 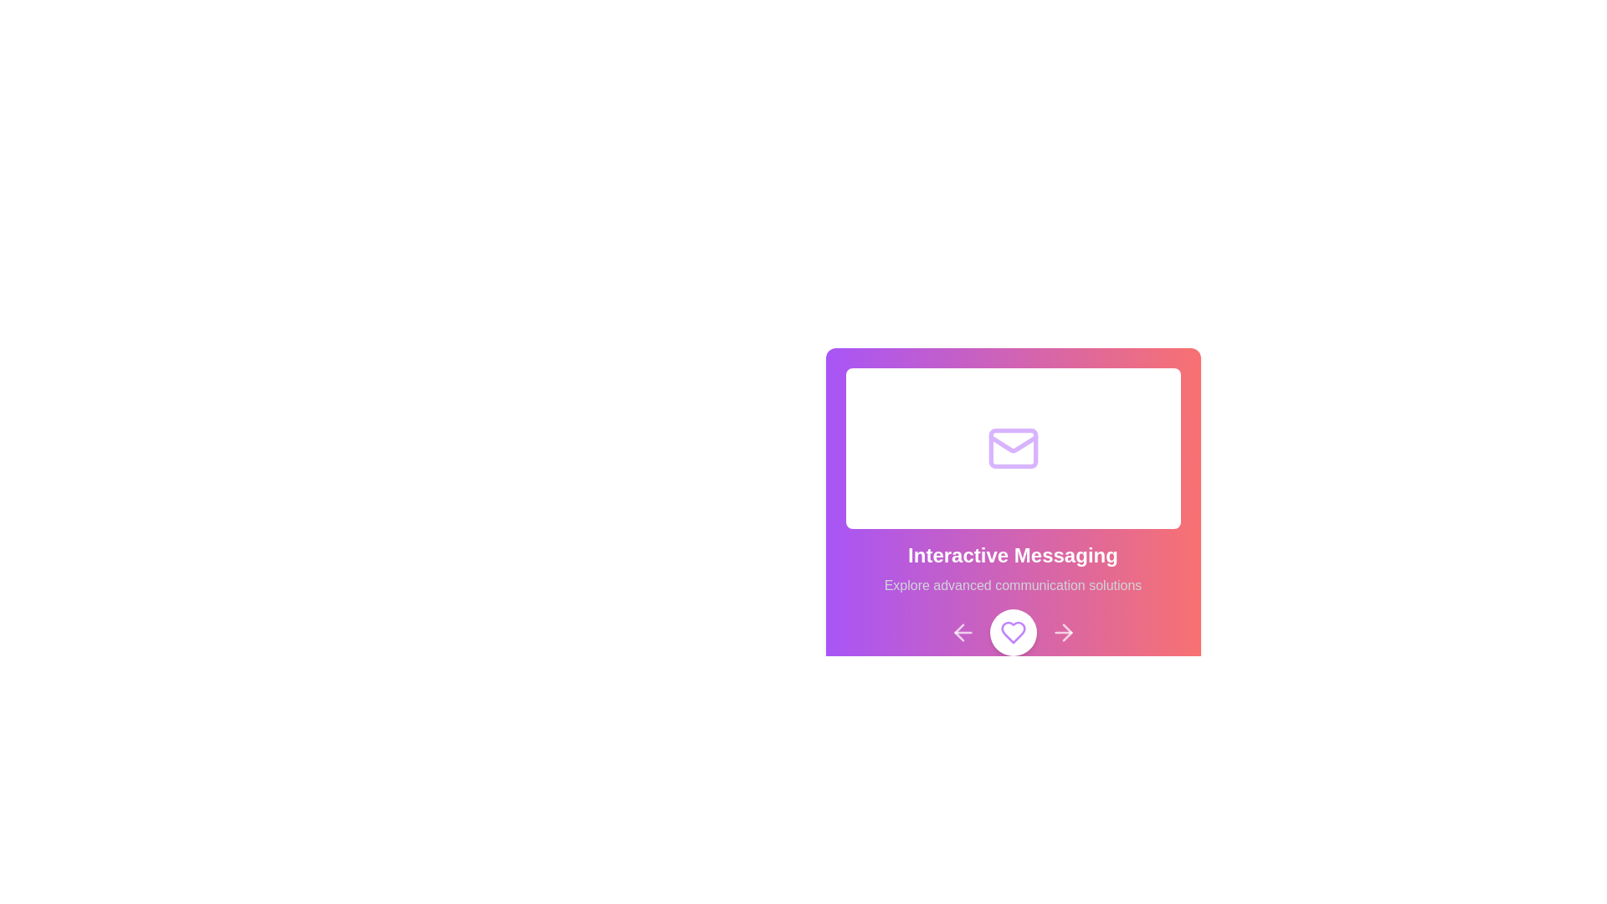 I want to click on the heart-shaped icon with a purple color, so click(x=1012, y=633).